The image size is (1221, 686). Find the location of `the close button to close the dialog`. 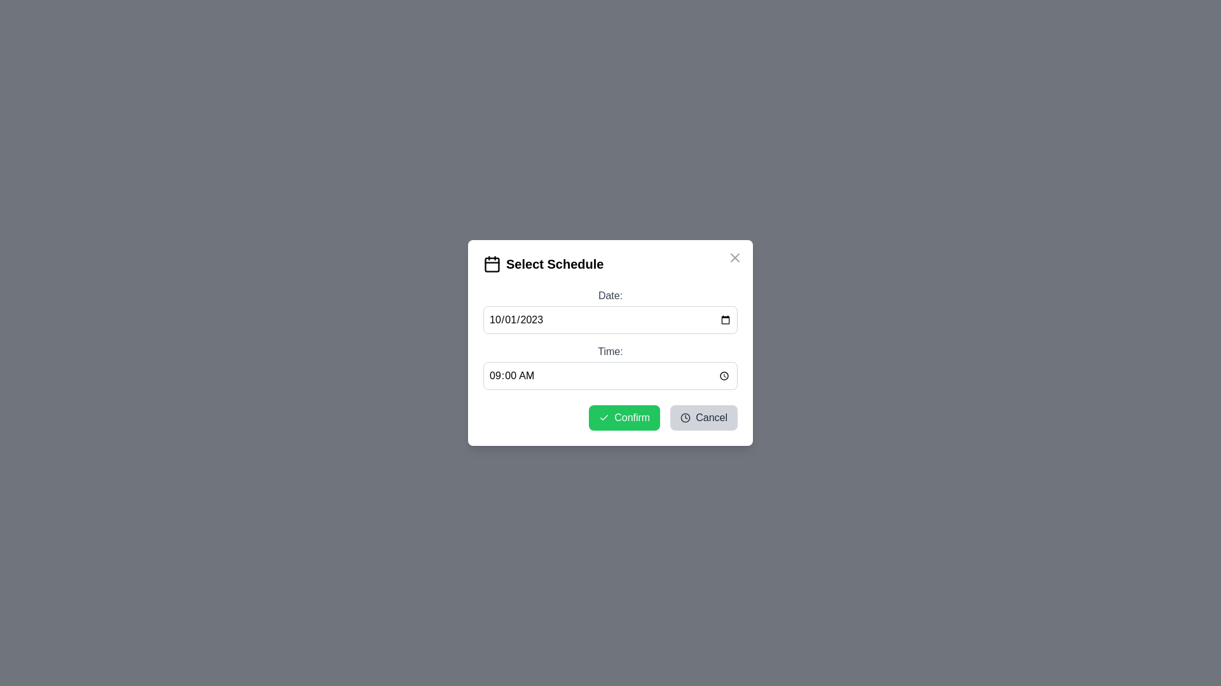

the close button to close the dialog is located at coordinates (735, 257).